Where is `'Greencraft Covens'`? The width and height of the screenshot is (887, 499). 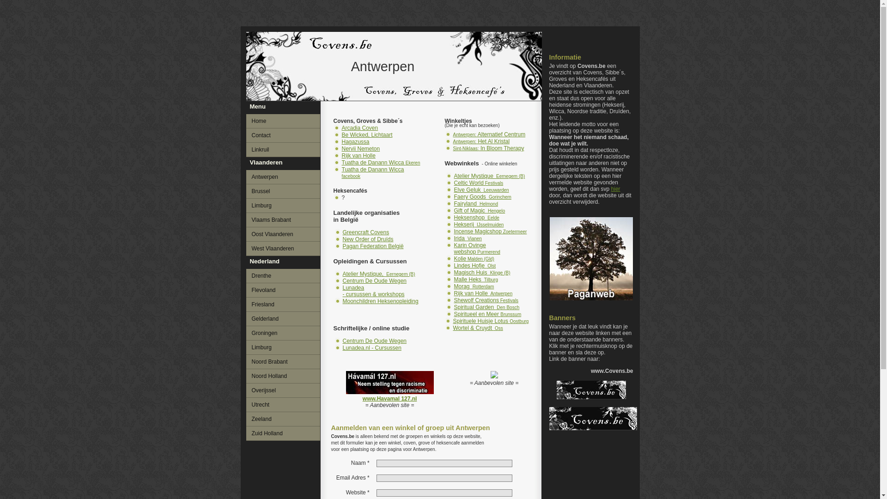
'Greencraft Covens' is located at coordinates (342, 231).